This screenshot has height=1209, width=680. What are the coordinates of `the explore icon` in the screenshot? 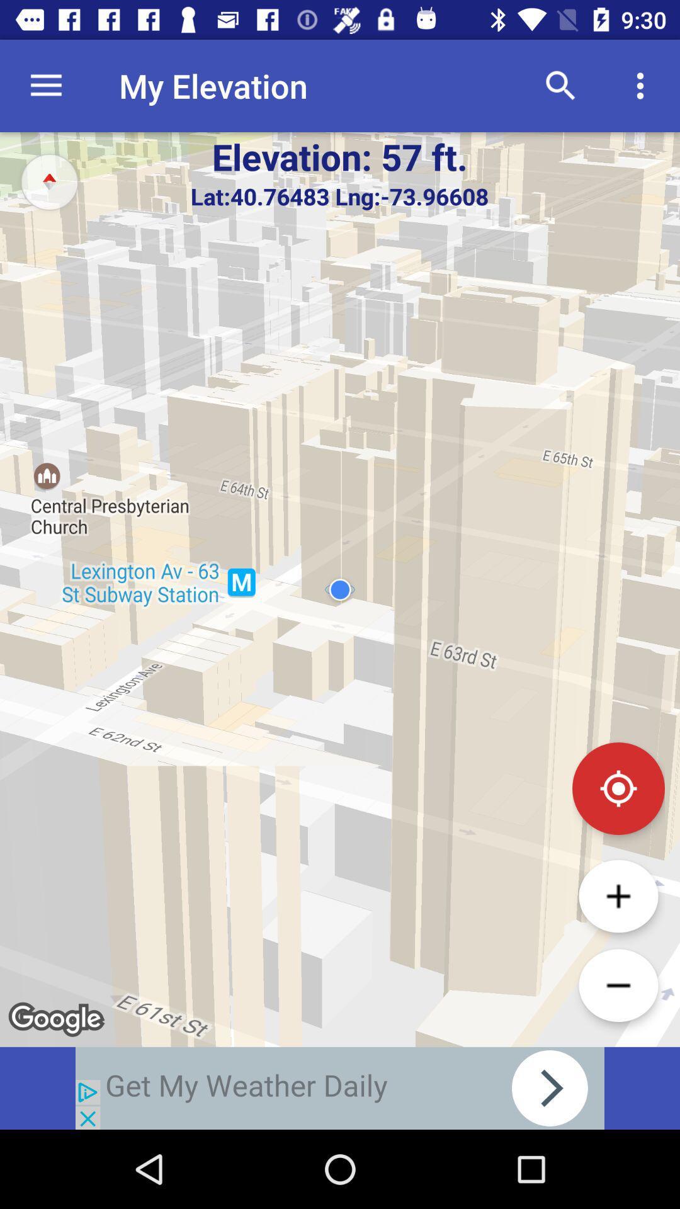 It's located at (48, 181).